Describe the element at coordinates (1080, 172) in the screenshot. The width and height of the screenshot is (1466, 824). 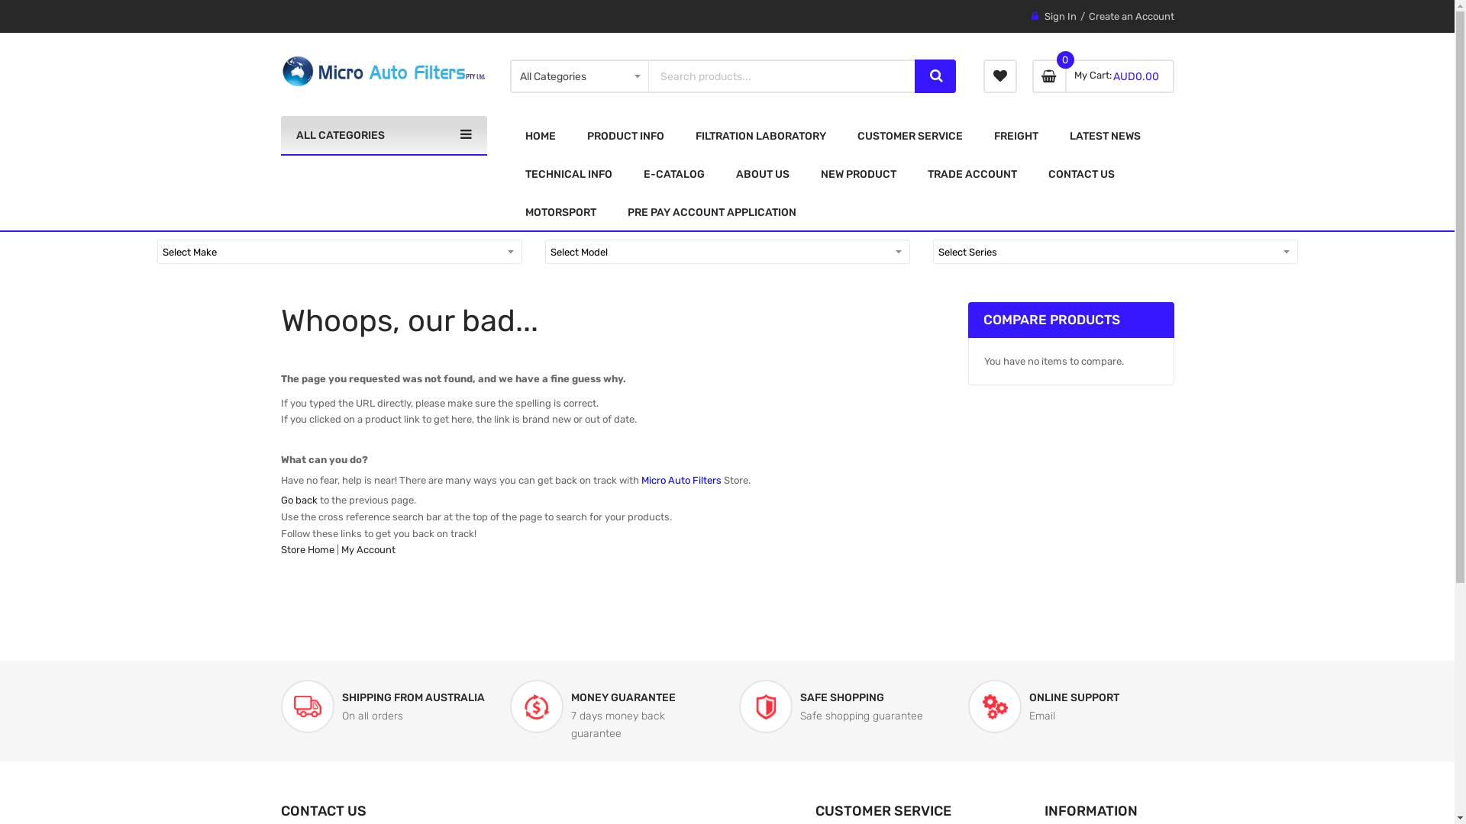
I see `'CONTACT US'` at that location.